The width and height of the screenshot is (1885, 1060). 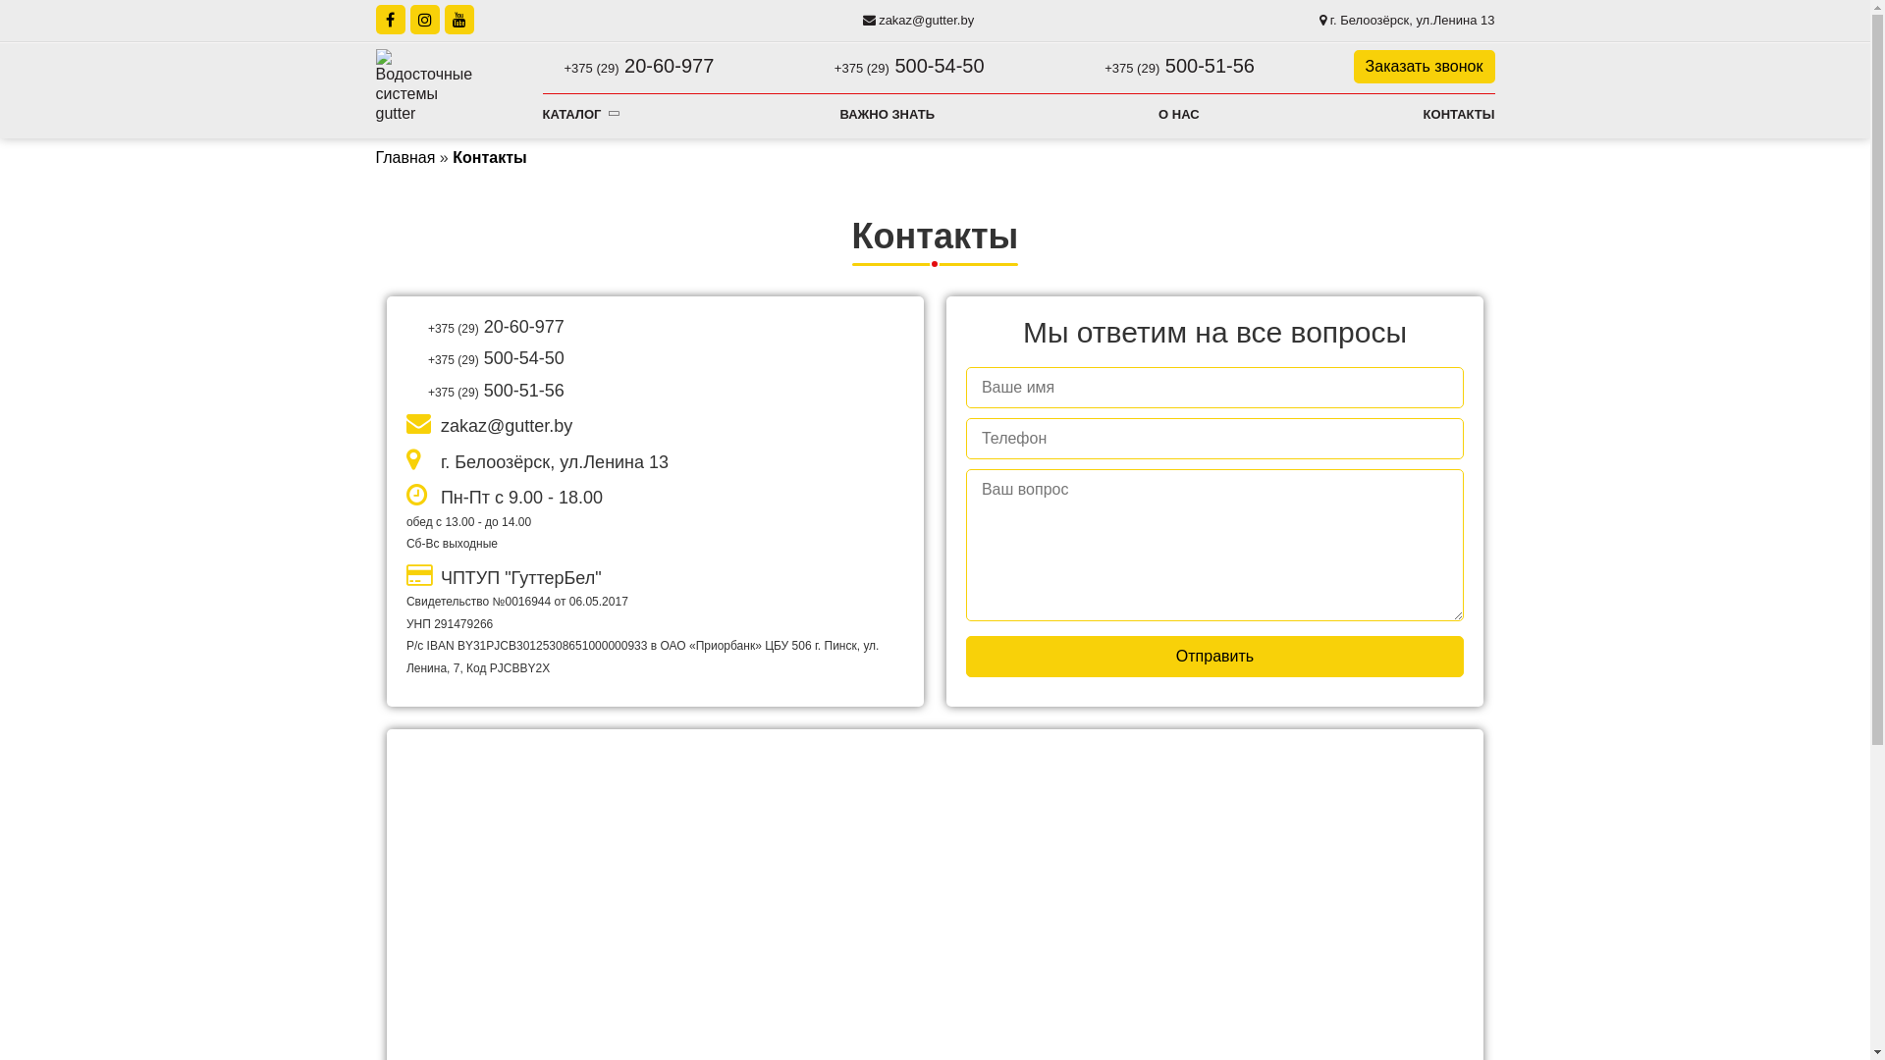 What do you see at coordinates (626, 65) in the screenshot?
I see `'+375 (29) 20-60-977'` at bounding box center [626, 65].